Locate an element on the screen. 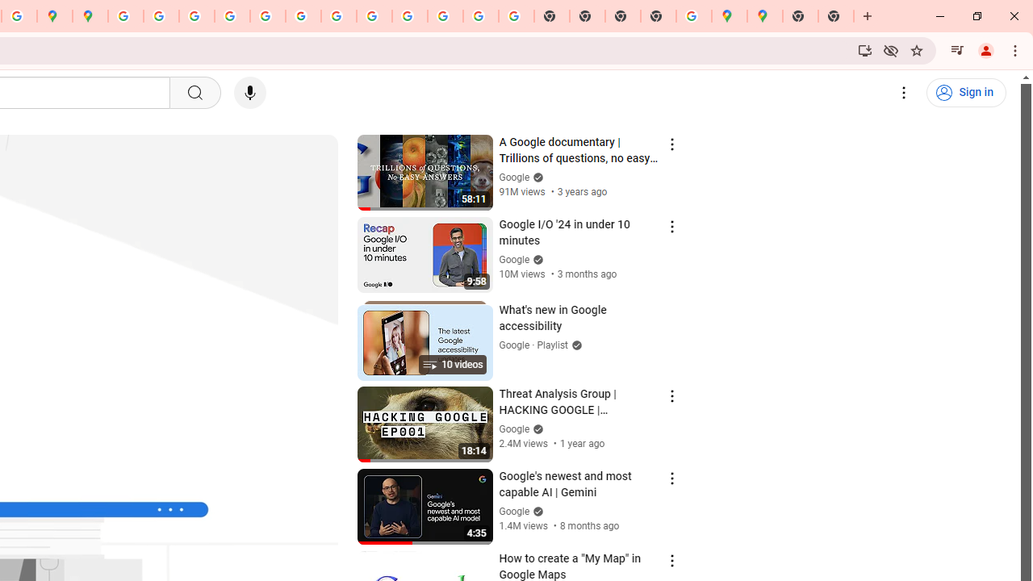 The height and width of the screenshot is (581, 1033). 'Google Maps' is located at coordinates (763, 16).